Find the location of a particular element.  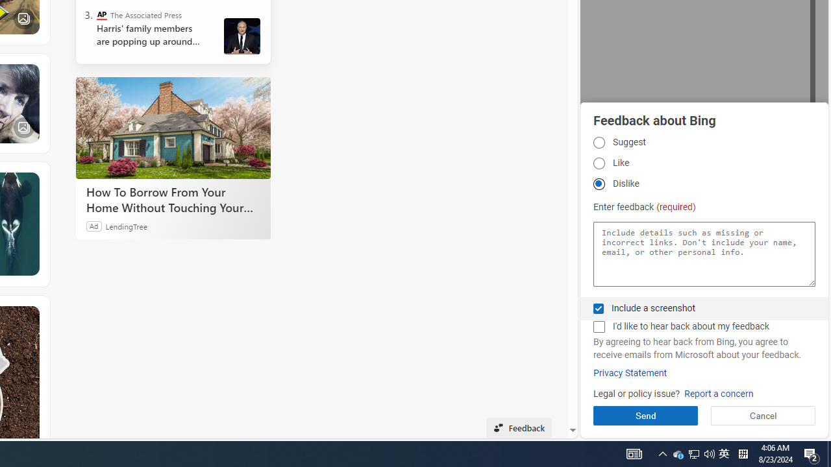

'Cancel' is located at coordinates (763, 415).